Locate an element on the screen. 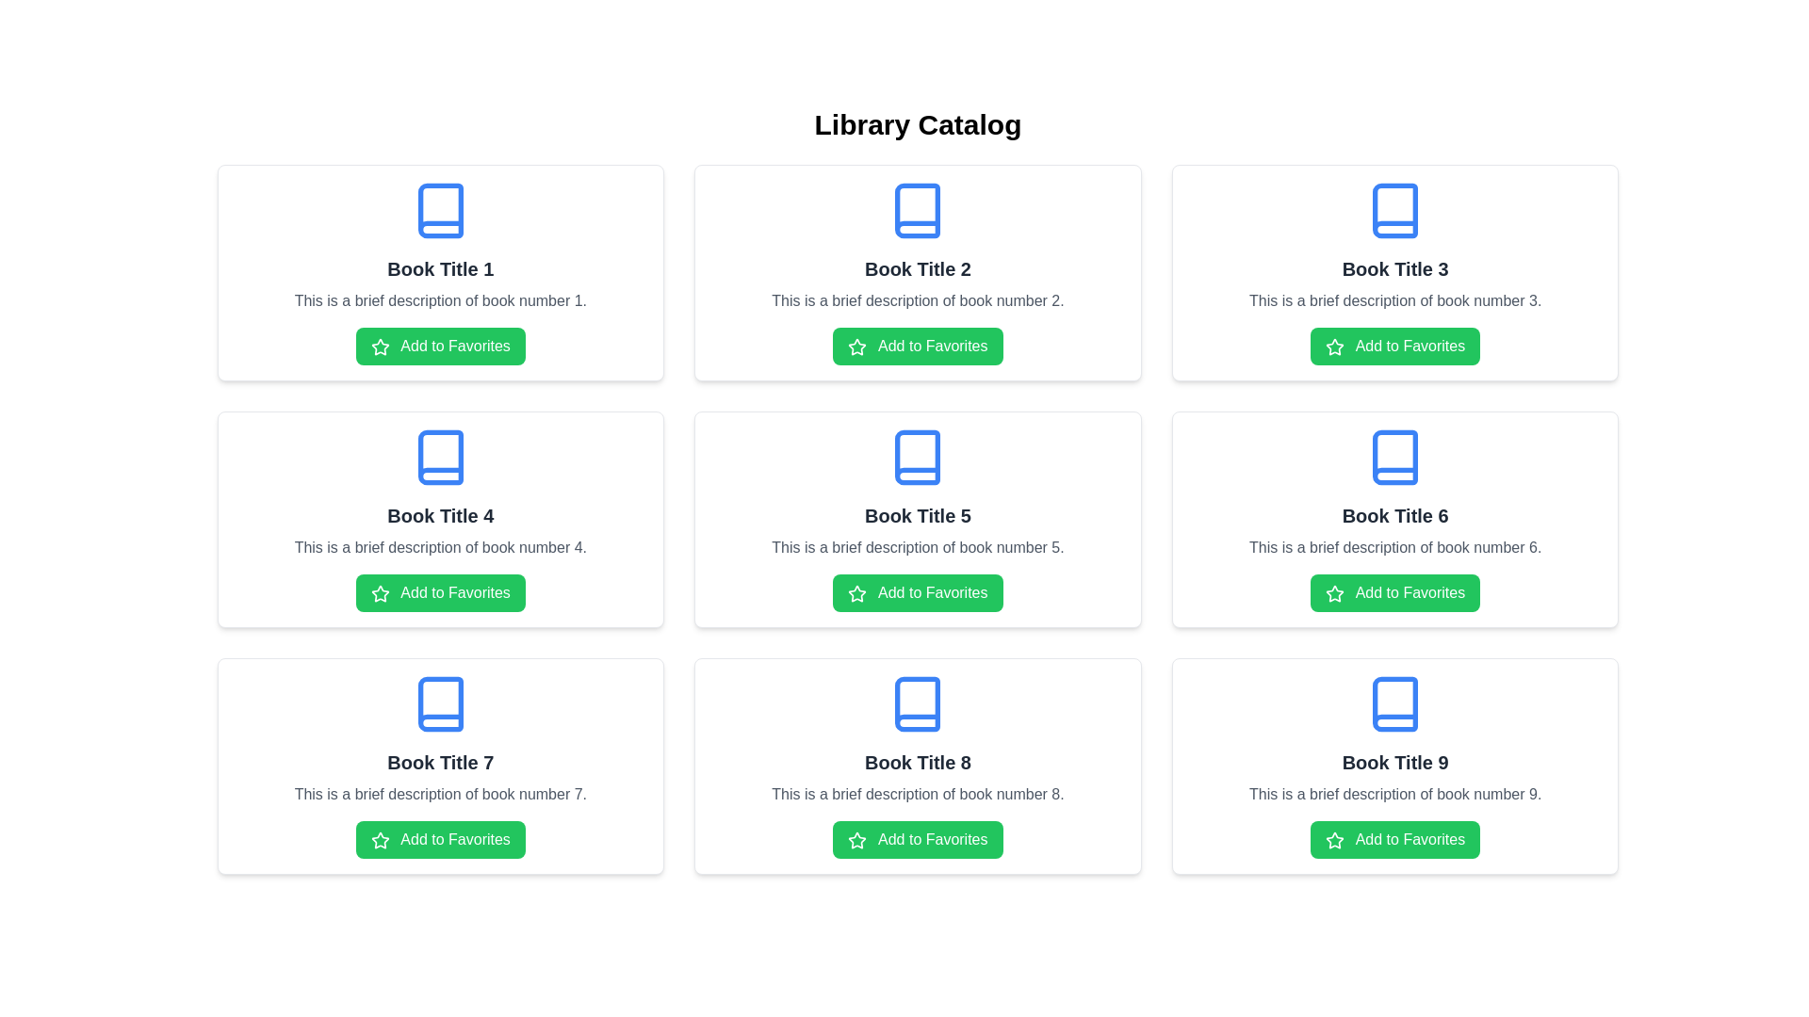 This screenshot has width=1809, height=1017. the star icon that symbolizes marking an item as a favorite, located in the 'Add to Favorites' button for 'Book Title 8' is located at coordinates (856, 839).